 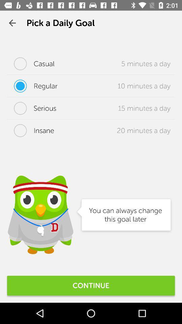 I want to click on the icon to the left of the 5 minutes a icon, so click(x=30, y=64).